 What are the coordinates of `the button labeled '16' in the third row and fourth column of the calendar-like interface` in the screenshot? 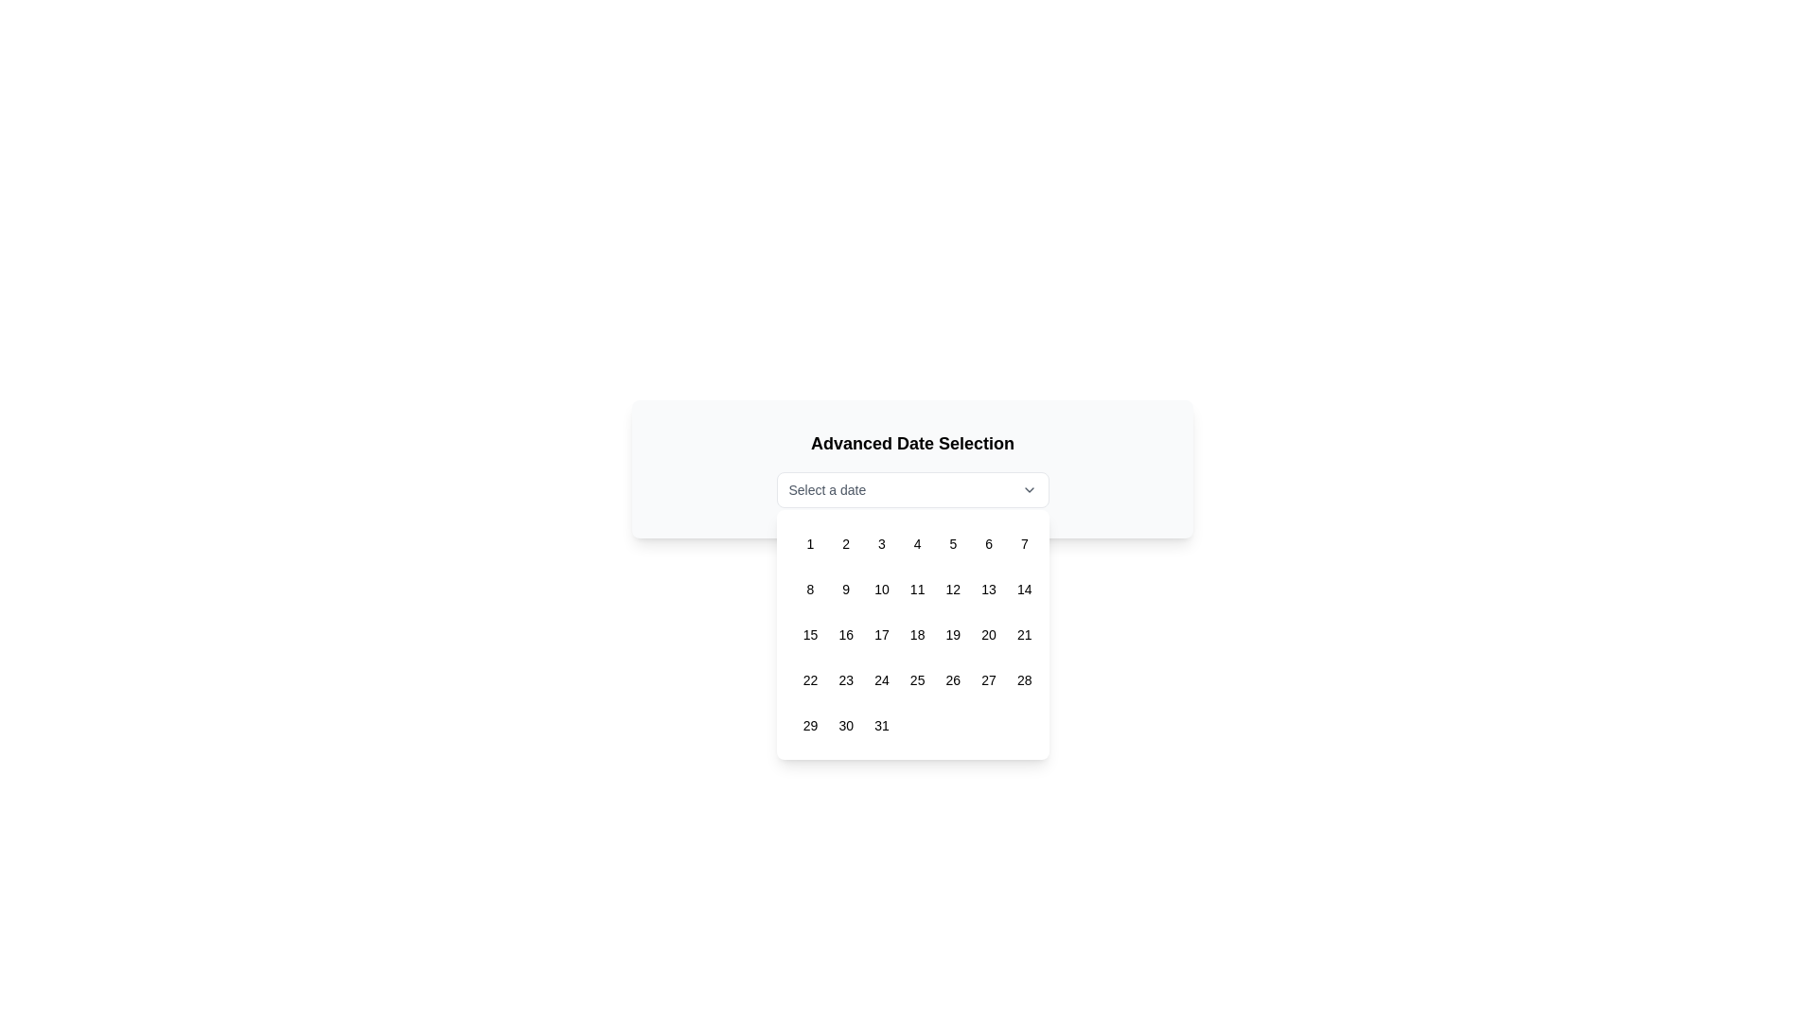 It's located at (844, 635).